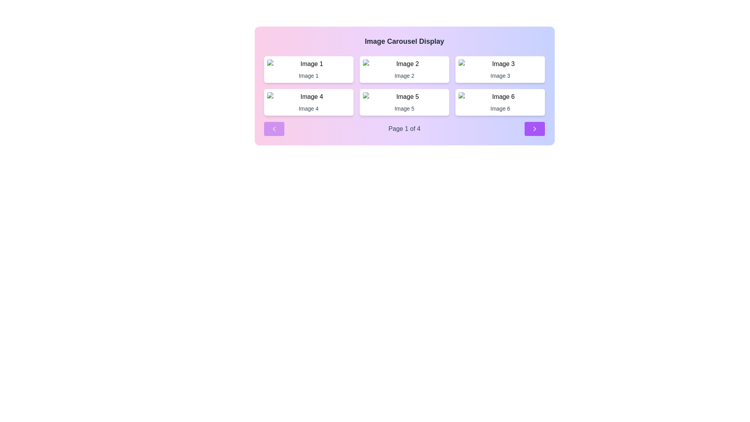 This screenshot has height=422, width=750. I want to click on on the card displaying the title 'Image 2' in the second column of the first row of the image carousel, so click(404, 69).